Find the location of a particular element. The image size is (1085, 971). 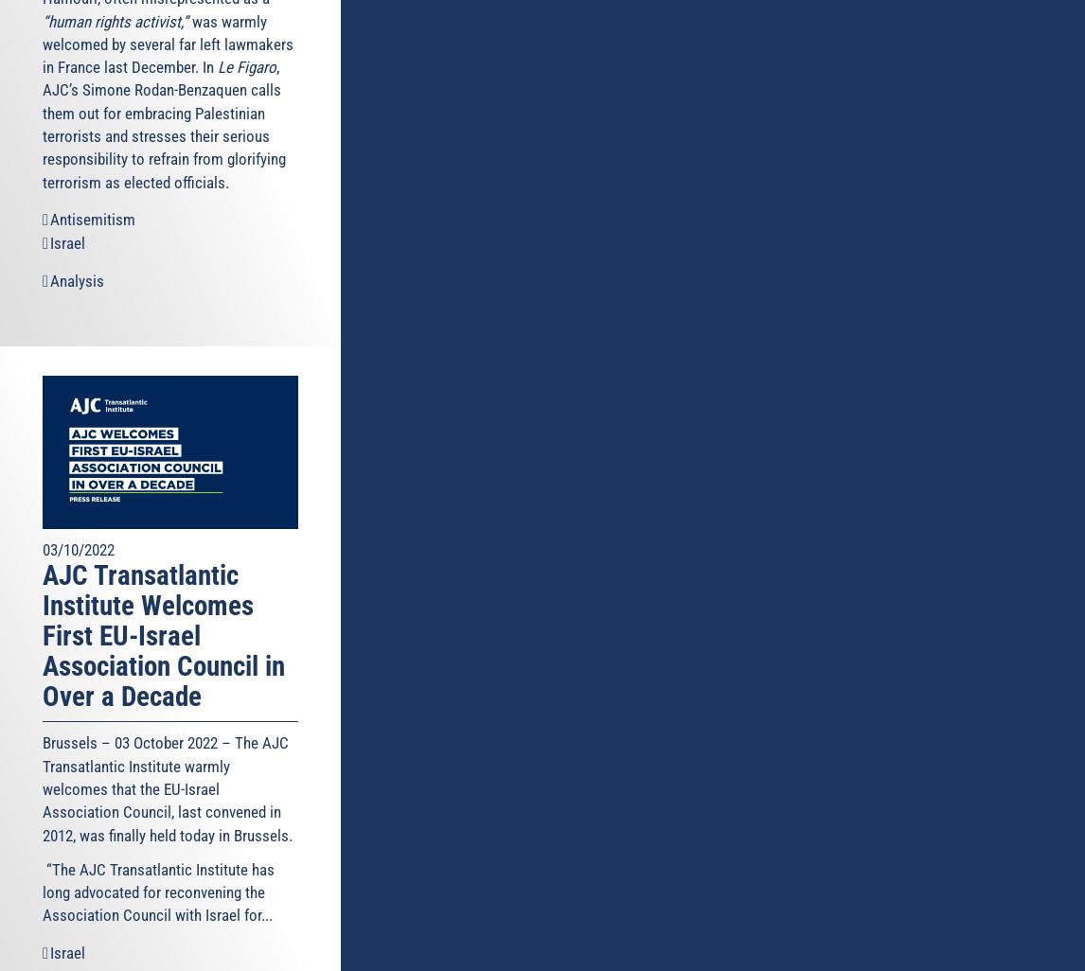

'AJC Transatlantic Institute Welcomes First EU-Israel Association Council in Over a Decade' is located at coordinates (43, 634).